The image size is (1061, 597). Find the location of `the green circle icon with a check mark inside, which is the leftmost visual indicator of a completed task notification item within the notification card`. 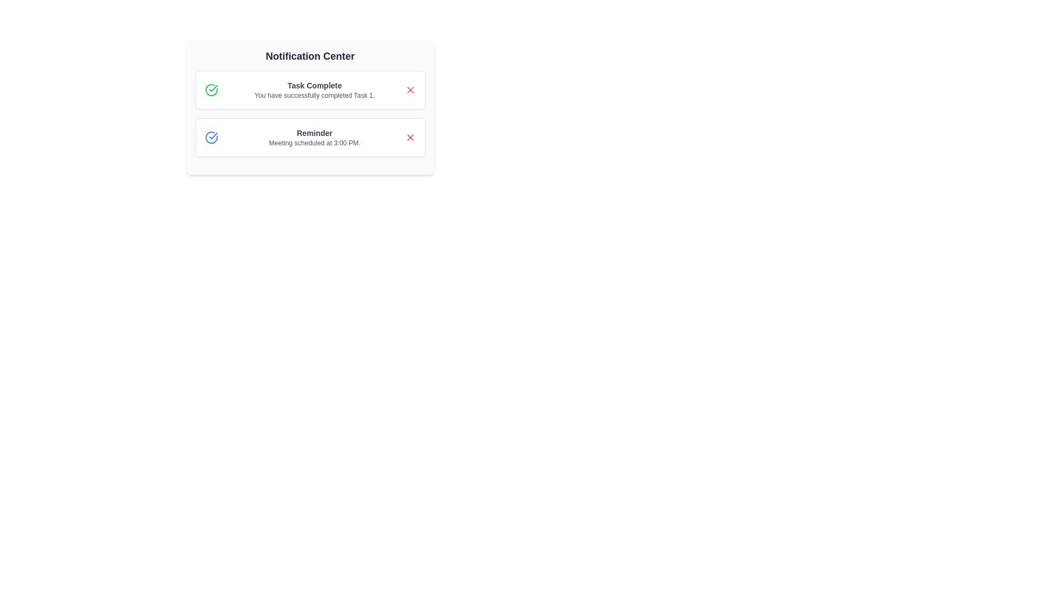

the green circle icon with a check mark inside, which is the leftmost visual indicator of a completed task notification item within the notification card is located at coordinates (211, 89).